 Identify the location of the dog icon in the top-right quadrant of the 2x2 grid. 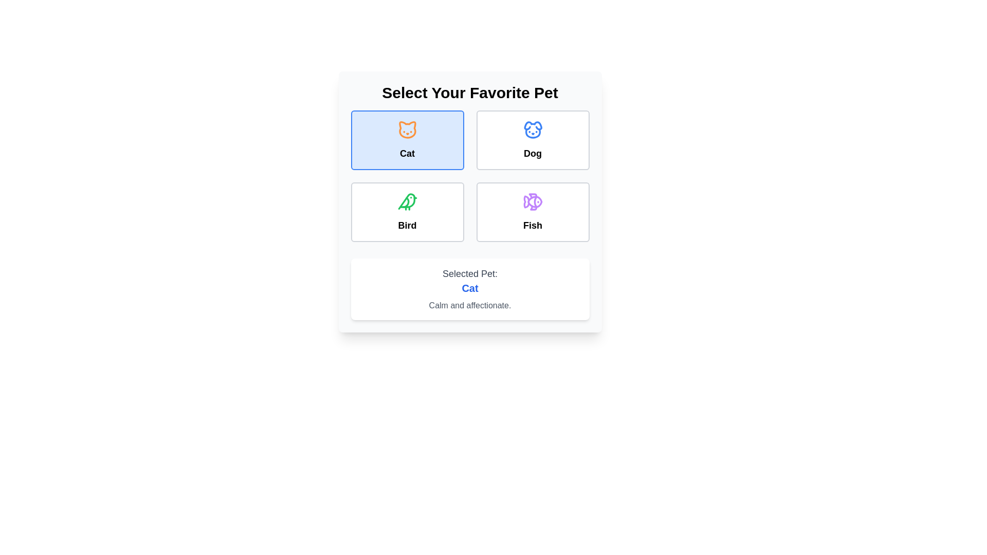
(533, 125).